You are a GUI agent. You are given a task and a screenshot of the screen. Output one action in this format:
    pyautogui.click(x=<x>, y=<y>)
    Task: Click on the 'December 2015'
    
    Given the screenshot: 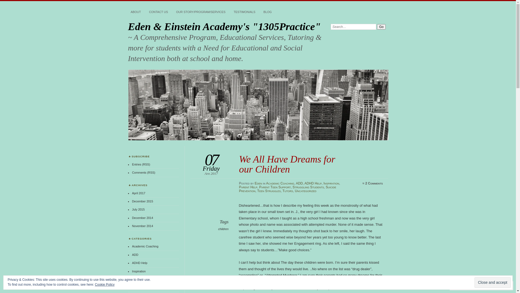 What is the action you would take?
    pyautogui.click(x=142, y=201)
    